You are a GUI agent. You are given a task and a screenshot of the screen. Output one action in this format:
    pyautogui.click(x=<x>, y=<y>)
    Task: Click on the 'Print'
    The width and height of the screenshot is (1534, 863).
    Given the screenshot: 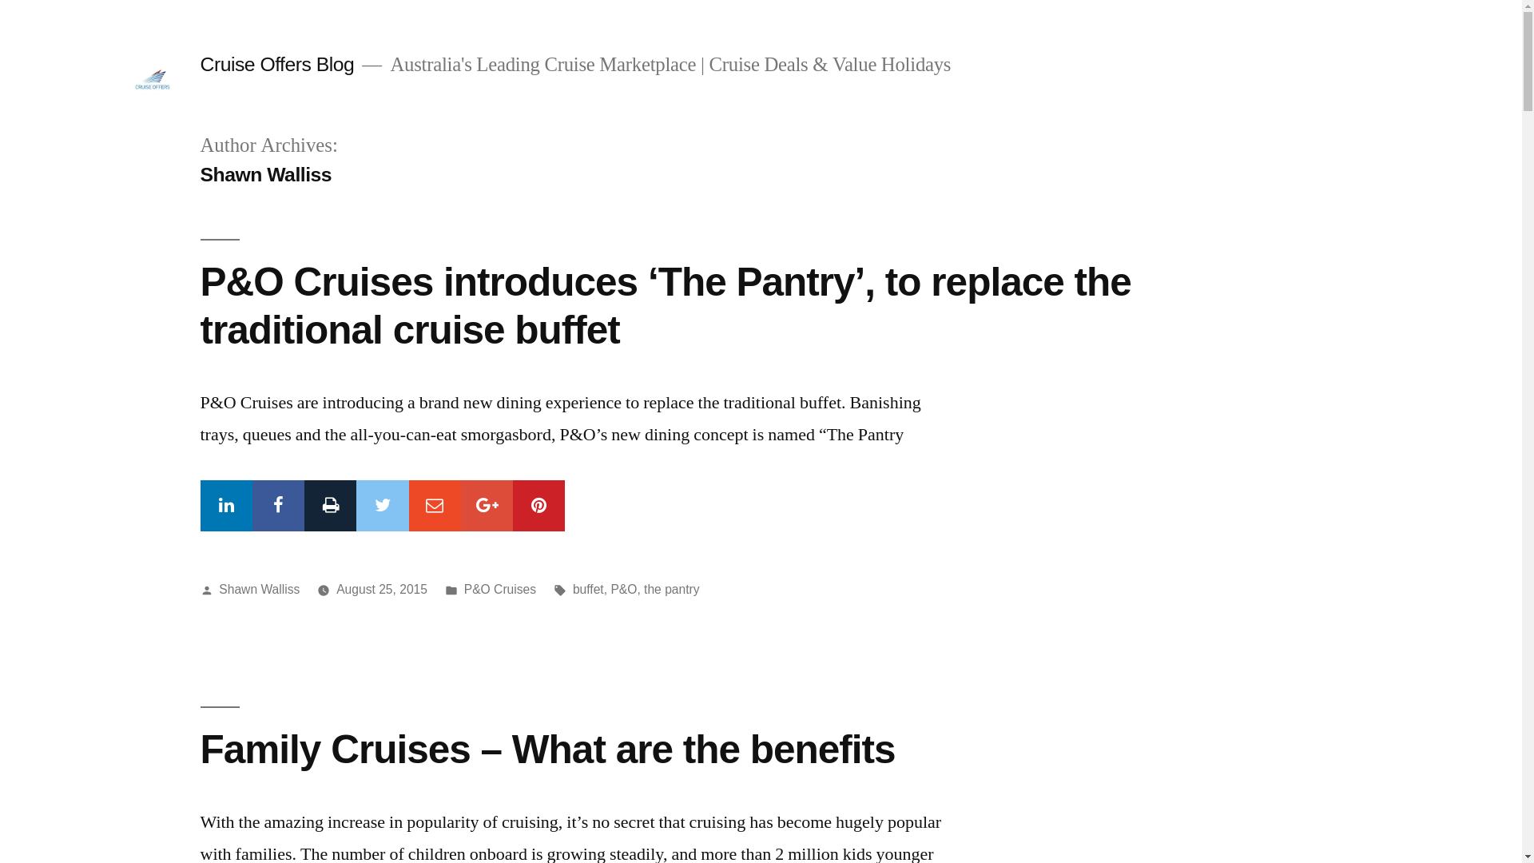 What is the action you would take?
    pyautogui.click(x=329, y=505)
    